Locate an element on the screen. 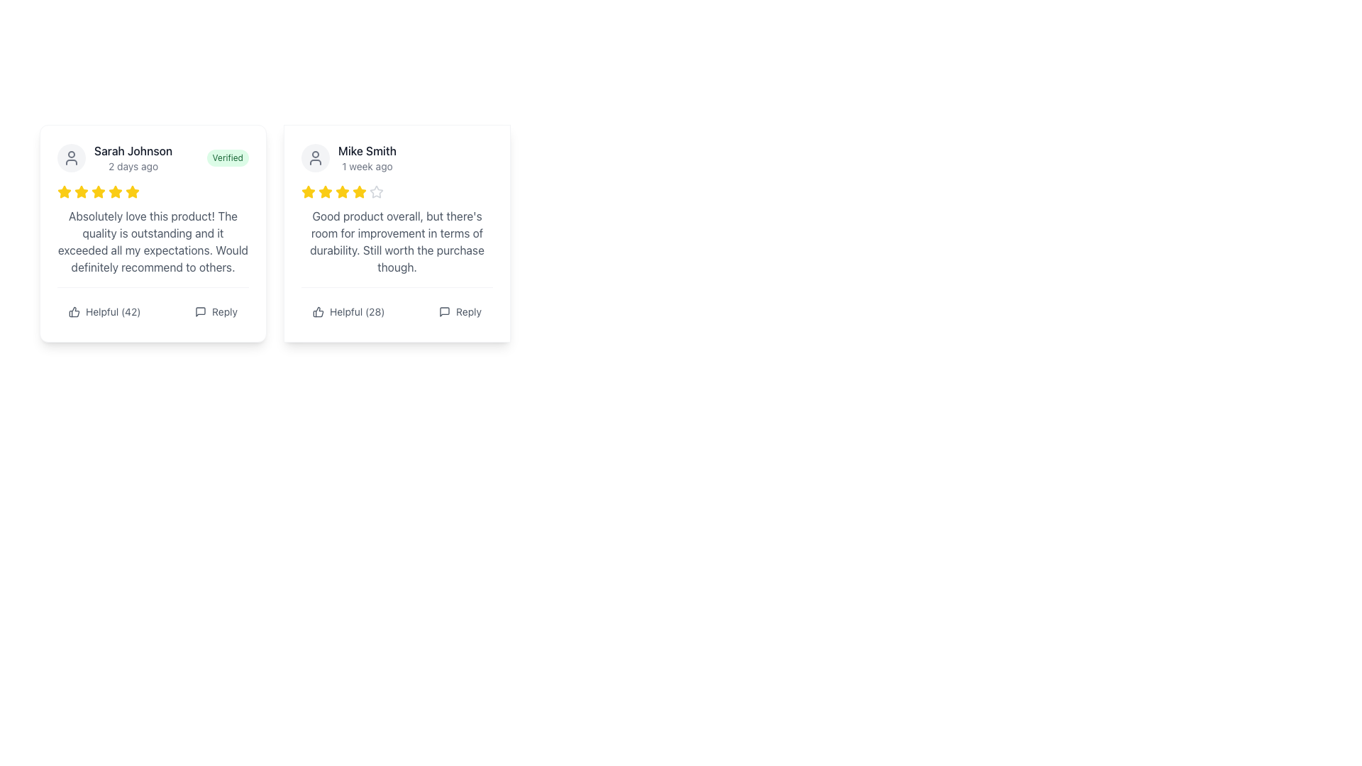  the third gold star-shaped icon with a filled yellow color in the rating section under Sarah Johnson's review is located at coordinates (81, 191).